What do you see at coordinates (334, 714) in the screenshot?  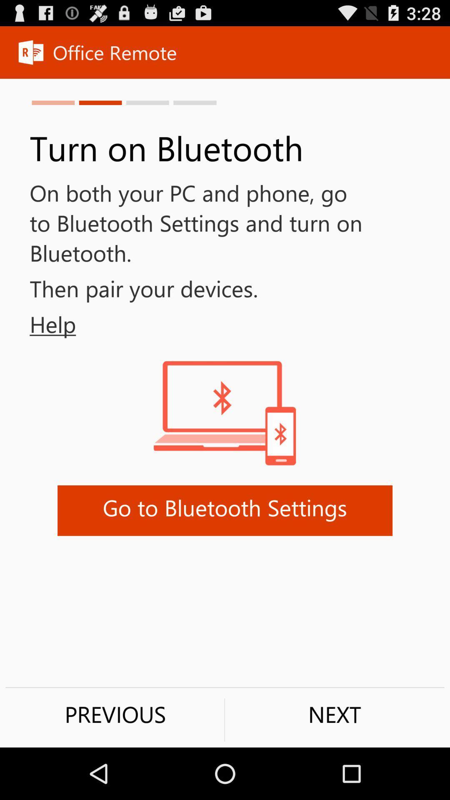 I see `item to the right of the previous item` at bounding box center [334, 714].